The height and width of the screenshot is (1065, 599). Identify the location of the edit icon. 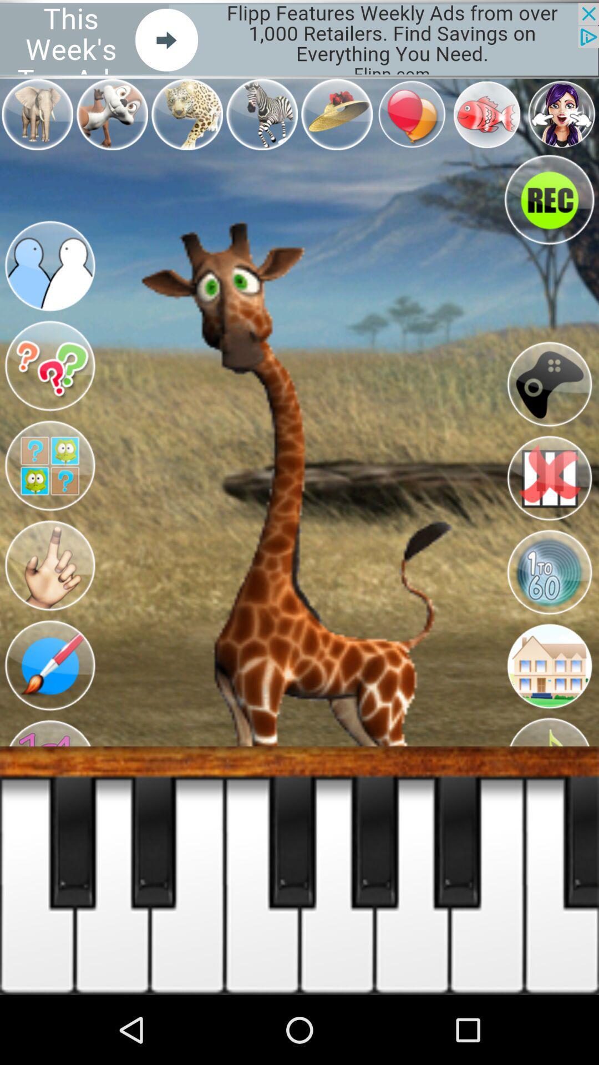
(49, 712).